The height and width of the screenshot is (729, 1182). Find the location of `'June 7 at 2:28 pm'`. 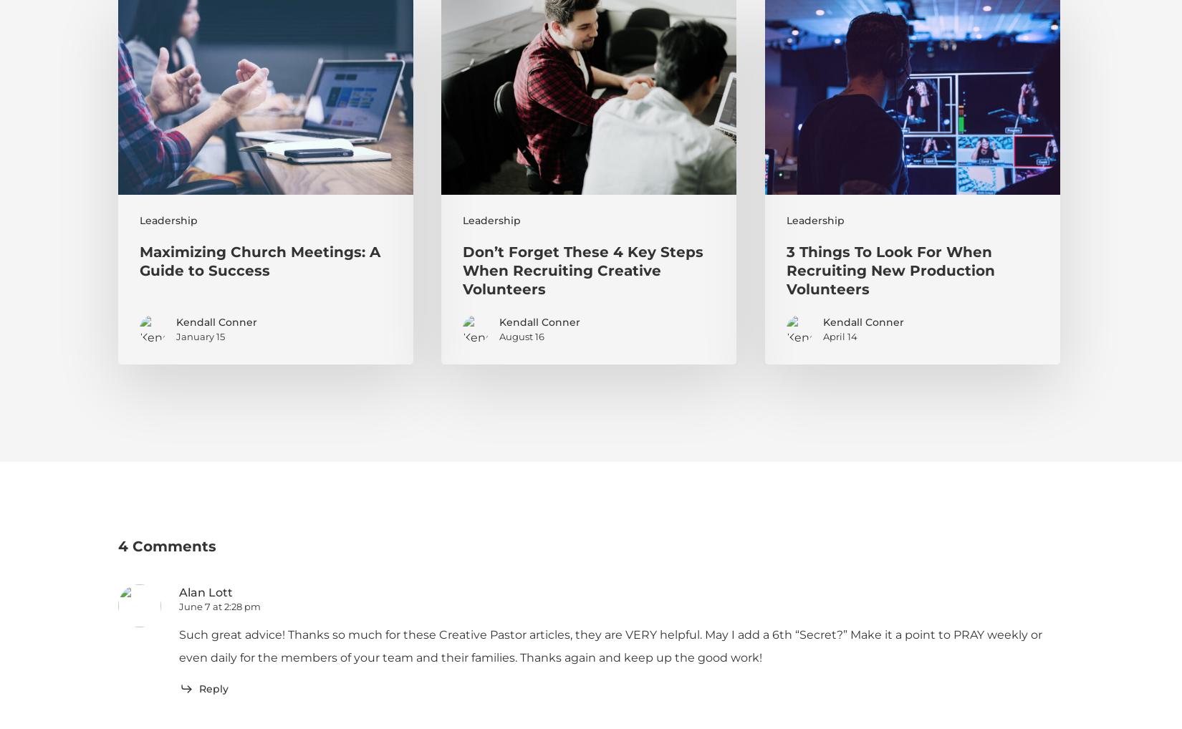

'June 7 at 2:28 pm' is located at coordinates (220, 605).